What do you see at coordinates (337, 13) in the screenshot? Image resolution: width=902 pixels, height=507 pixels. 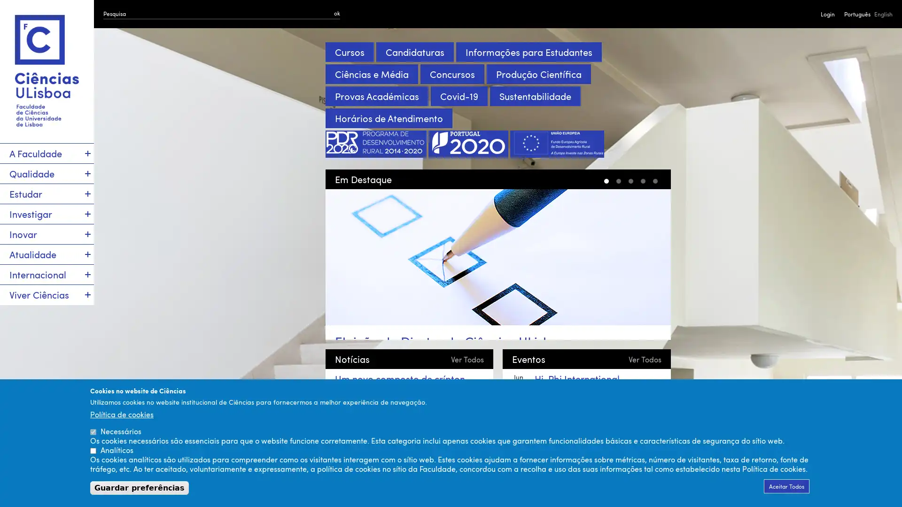 I see `ok` at bounding box center [337, 13].